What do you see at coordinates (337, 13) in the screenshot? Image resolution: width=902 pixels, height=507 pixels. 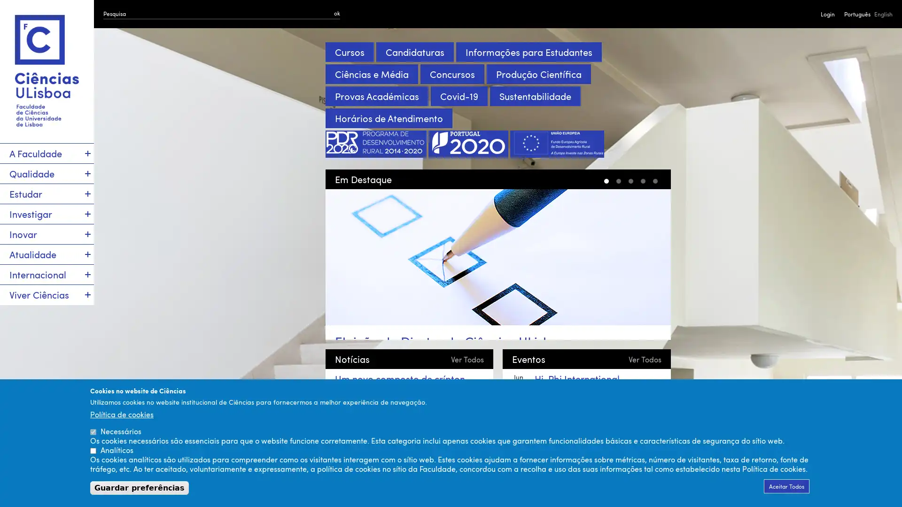 I see `ok` at bounding box center [337, 13].